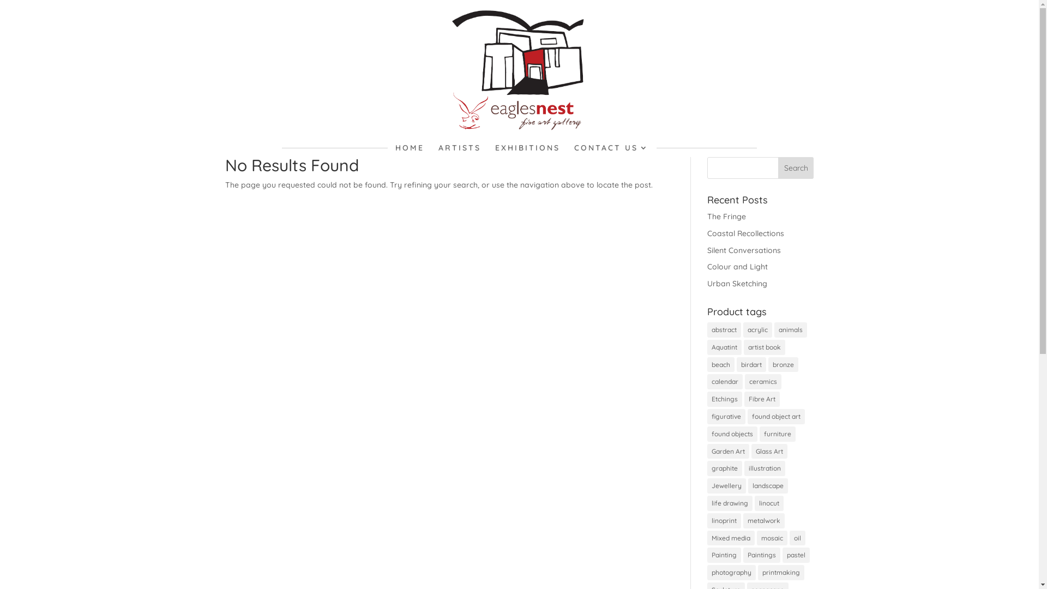  What do you see at coordinates (764, 468) in the screenshot?
I see `'illustration'` at bounding box center [764, 468].